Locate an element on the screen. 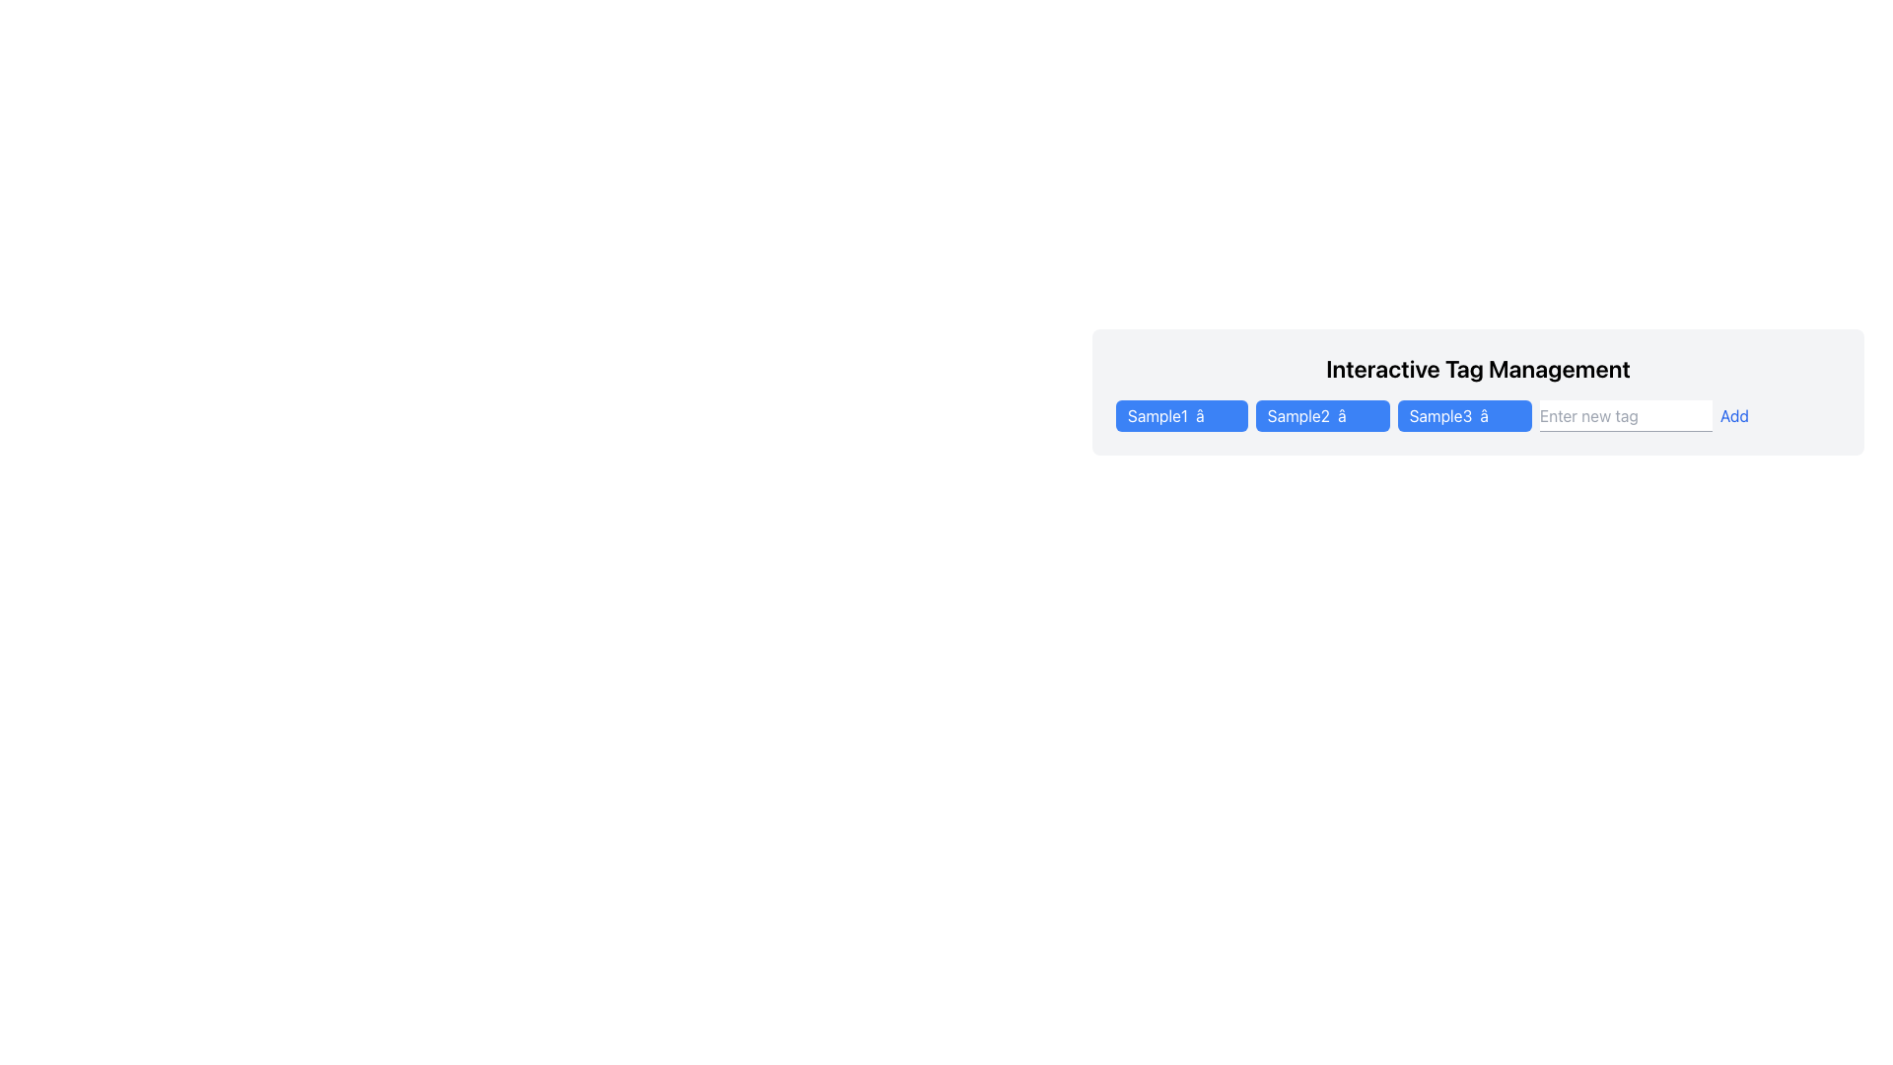 The image size is (1893, 1065). the button represented by the cross symbol '✕' located to the right of the text 'Sample3' within a blue button is located at coordinates (1499, 414).